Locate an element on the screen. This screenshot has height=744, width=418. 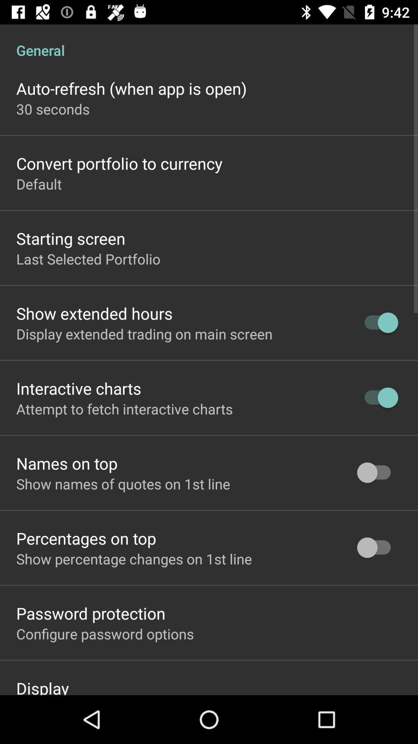
icon below the 30 seconds item is located at coordinates (119, 163).